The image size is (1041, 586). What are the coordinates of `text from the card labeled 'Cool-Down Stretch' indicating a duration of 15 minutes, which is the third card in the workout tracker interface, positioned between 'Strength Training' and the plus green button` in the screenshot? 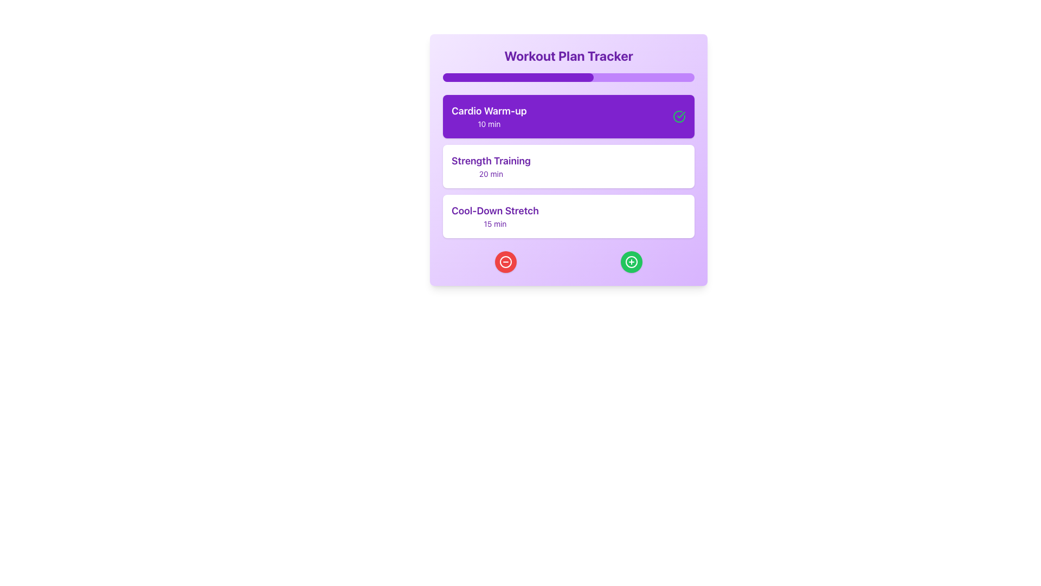 It's located at (494, 216).